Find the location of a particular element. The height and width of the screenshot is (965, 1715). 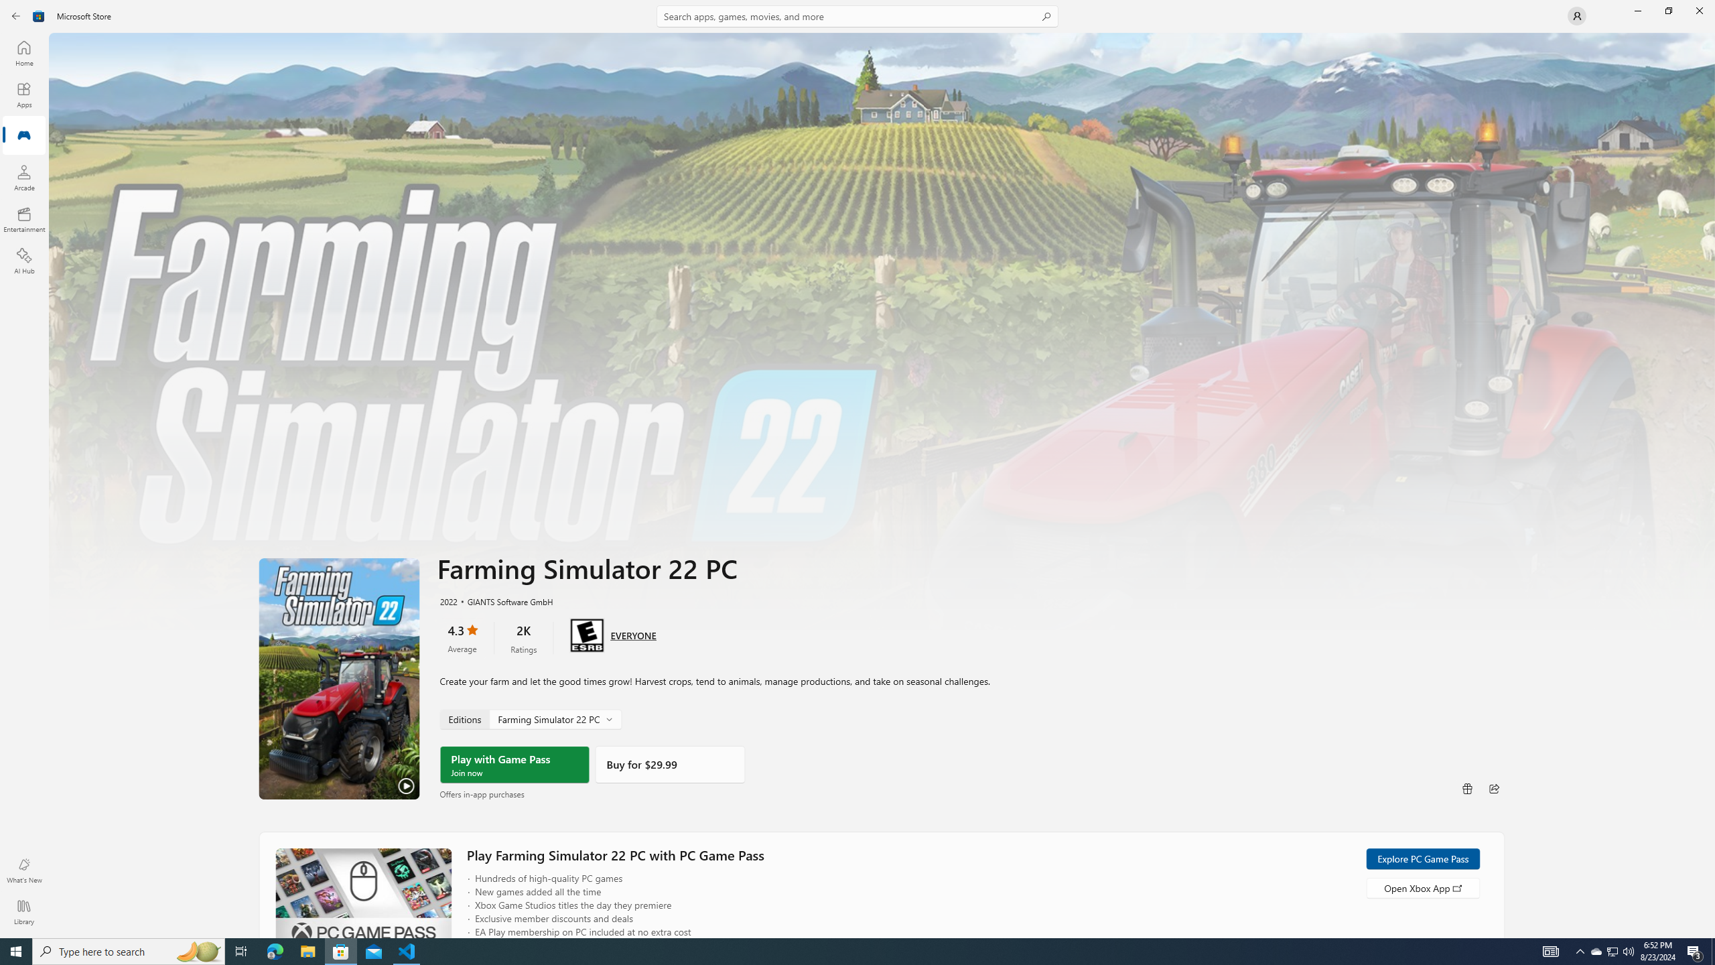

'Back' is located at coordinates (16, 15).